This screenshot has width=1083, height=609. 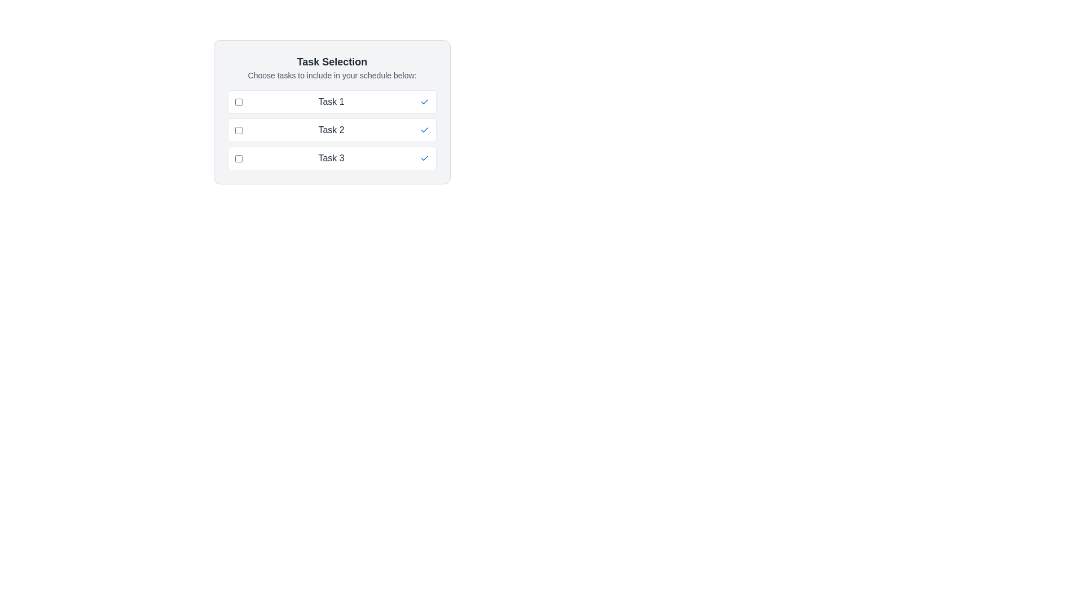 I want to click on the first list item labeled 'Task 1' which includes a checkbox and a blue checkmark icon, so click(x=332, y=102).